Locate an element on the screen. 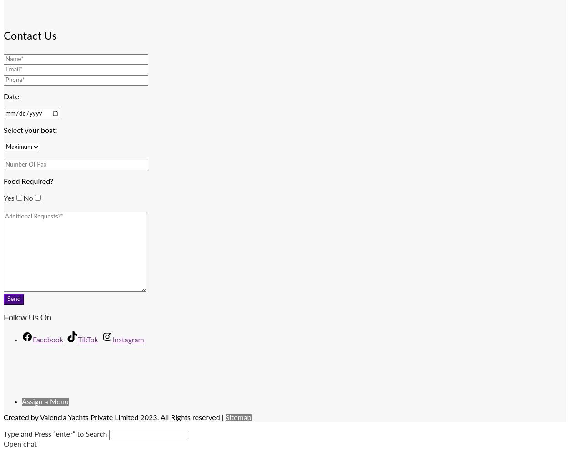  'Assign a Menu' is located at coordinates (21, 401).